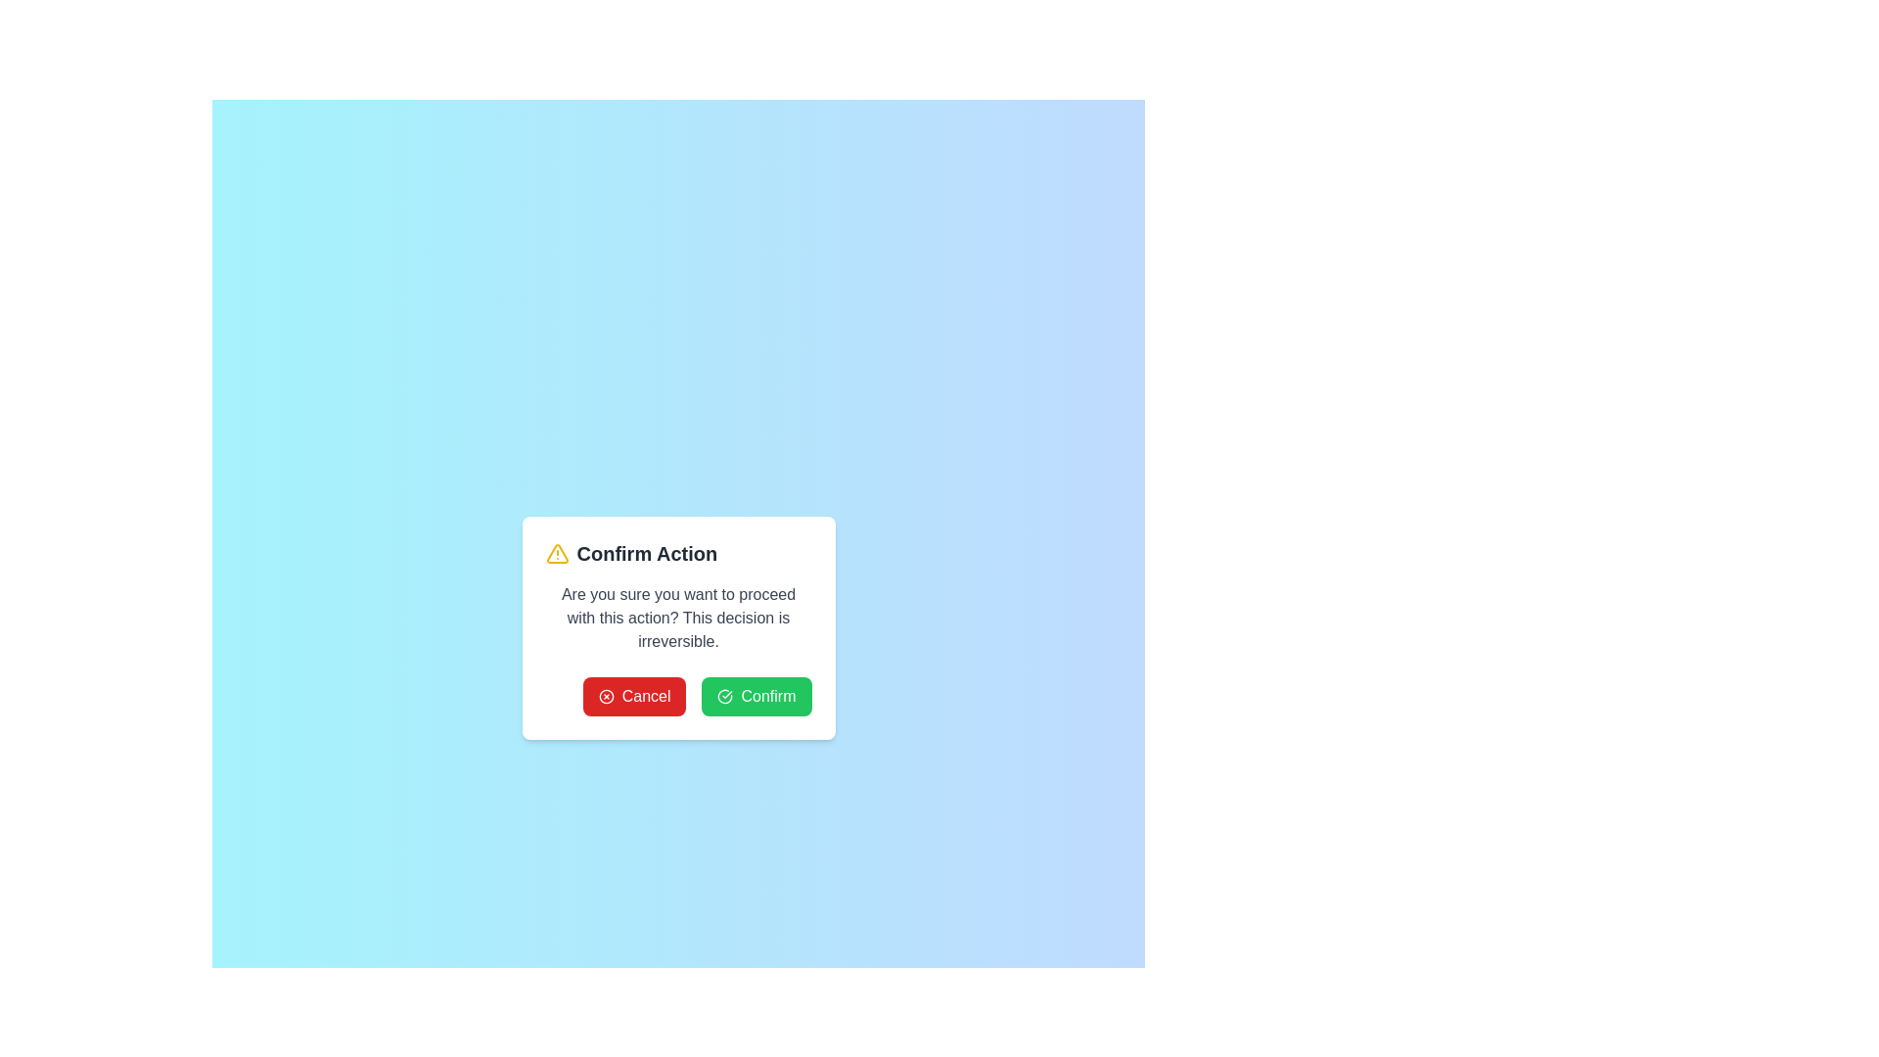 This screenshot has height=1057, width=1879. Describe the element at coordinates (647, 554) in the screenshot. I see `the 'Confirm Action' text label, which is styled in bold as 'text-xl' and colored dark gray, located next to a yellow triangular warning icon in a confirmation dialog box` at that location.